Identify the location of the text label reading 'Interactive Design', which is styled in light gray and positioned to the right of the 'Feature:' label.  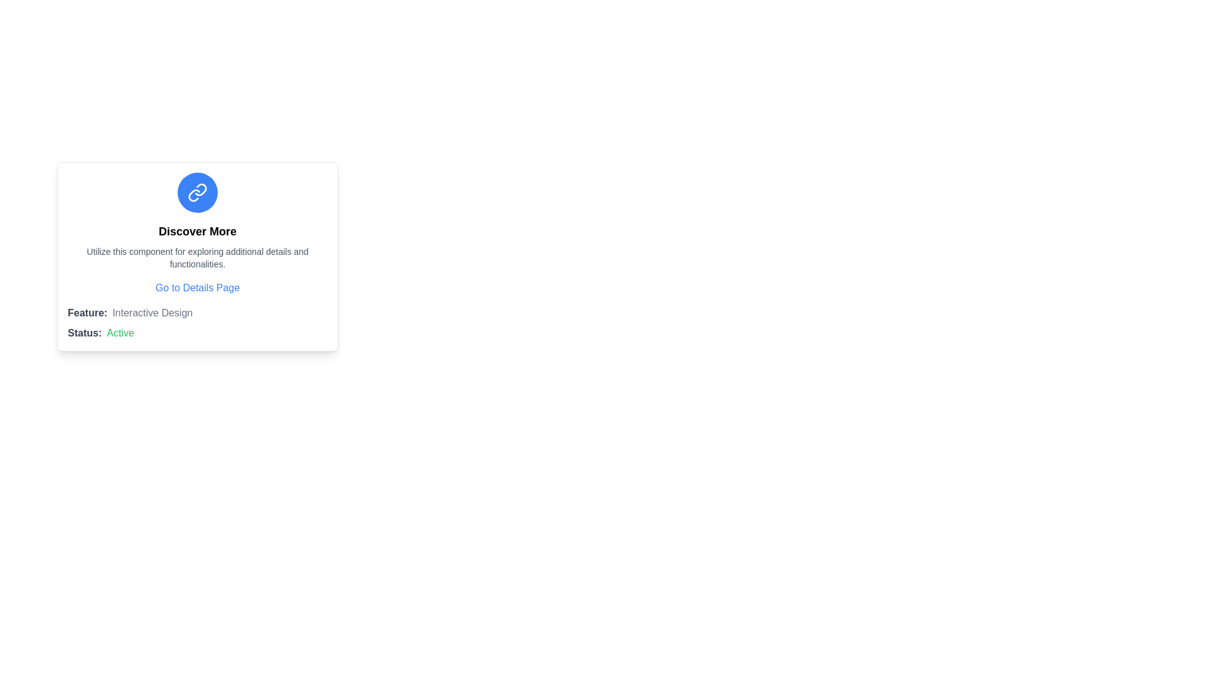
(152, 312).